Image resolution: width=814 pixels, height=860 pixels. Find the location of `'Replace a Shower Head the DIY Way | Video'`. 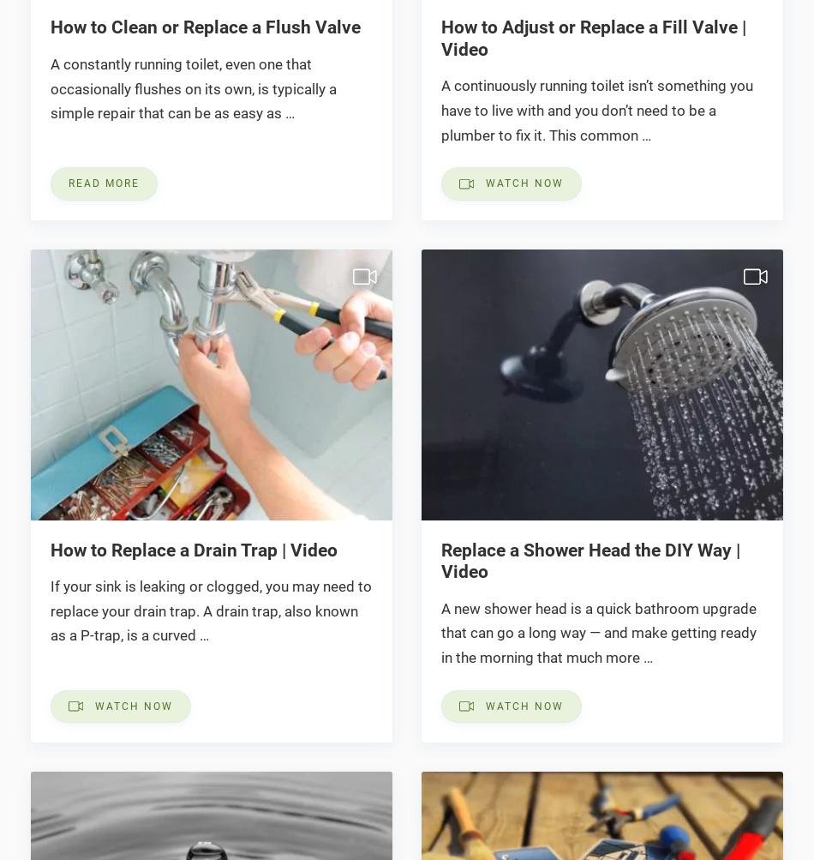

'Replace a Shower Head the DIY Way | Video' is located at coordinates (590, 560).